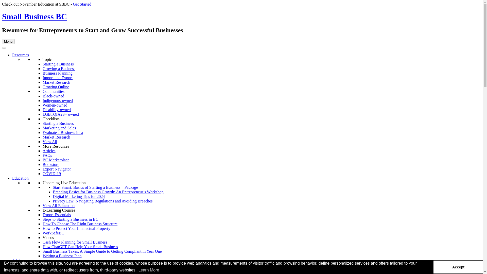 The width and height of the screenshot is (487, 274). What do you see at coordinates (20, 55) in the screenshot?
I see `'Resources'` at bounding box center [20, 55].